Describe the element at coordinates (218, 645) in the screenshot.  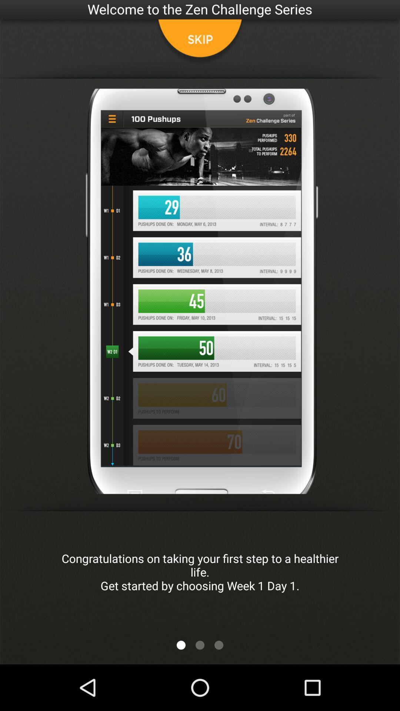
I see `page` at that location.